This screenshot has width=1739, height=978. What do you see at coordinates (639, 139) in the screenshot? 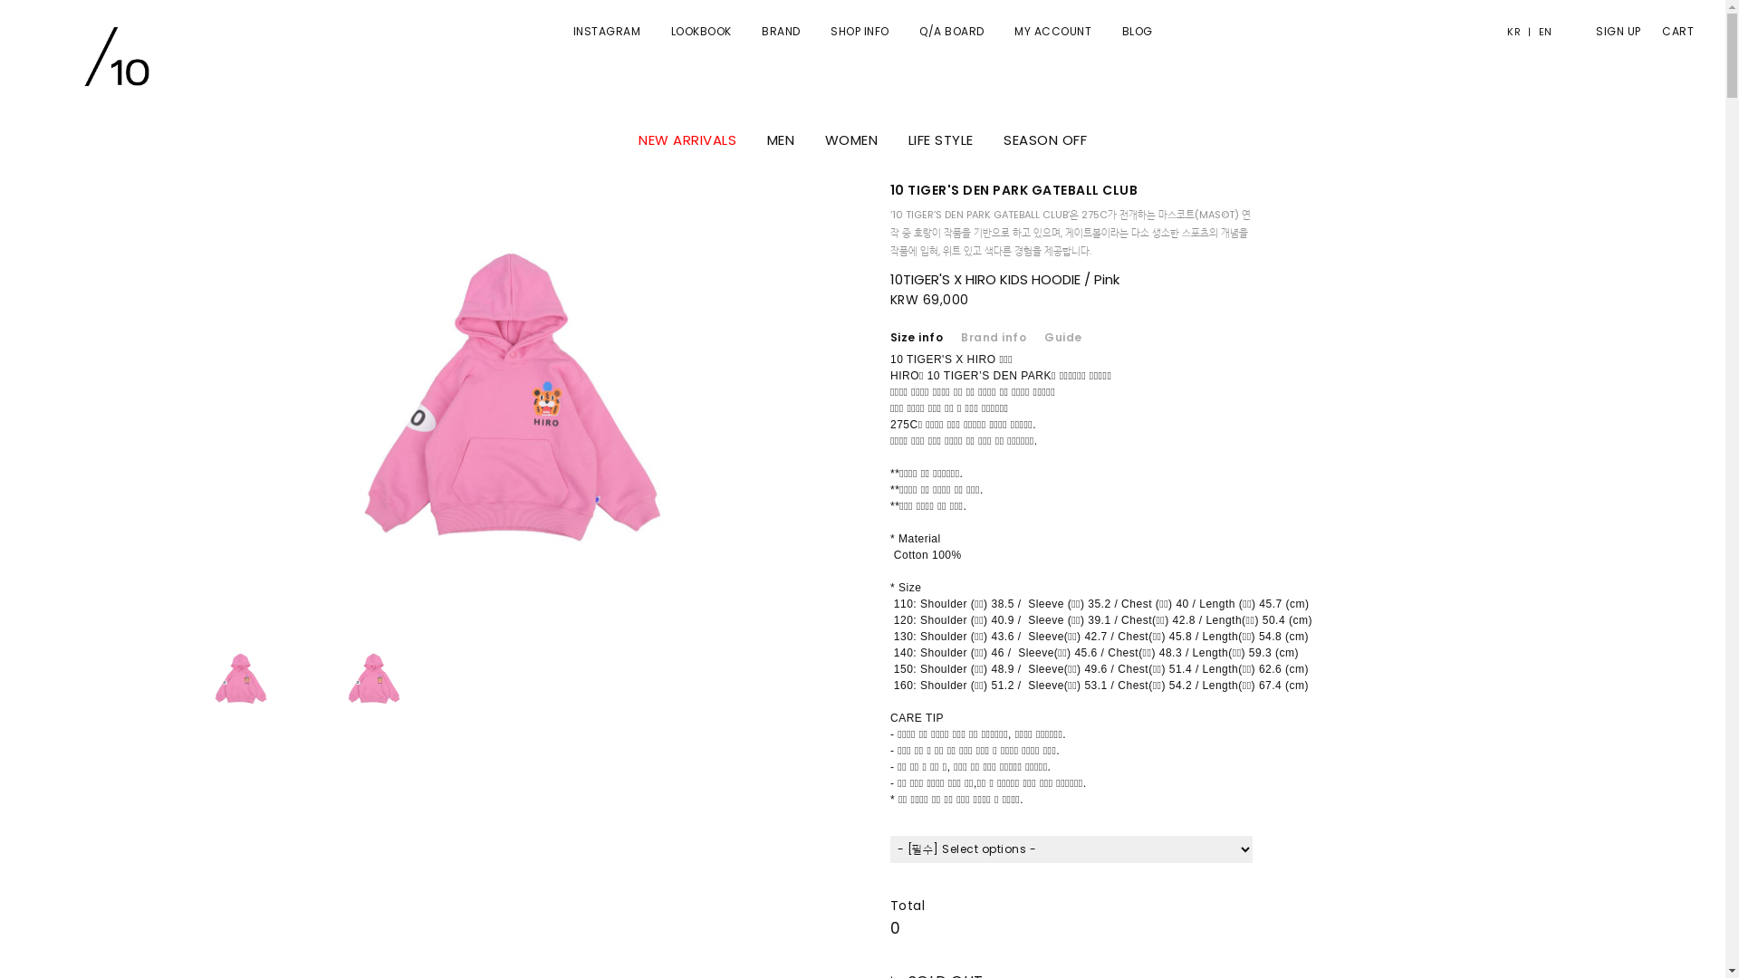
I see `'NEW ARRIVALS'` at bounding box center [639, 139].